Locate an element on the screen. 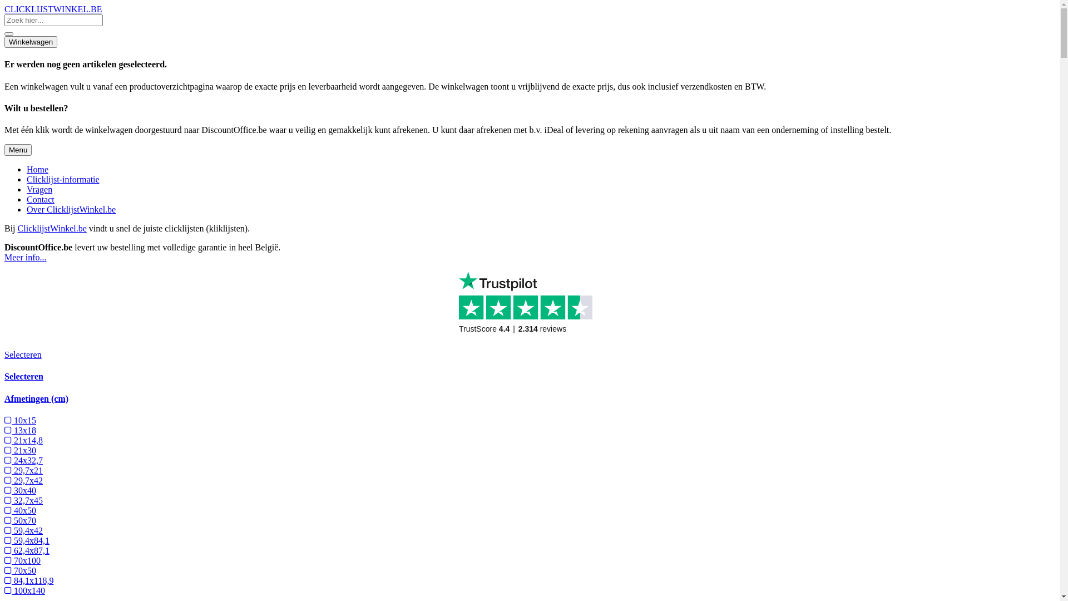 This screenshot has height=601, width=1068. 'Clicklijst-informatie' is located at coordinates (62, 179).